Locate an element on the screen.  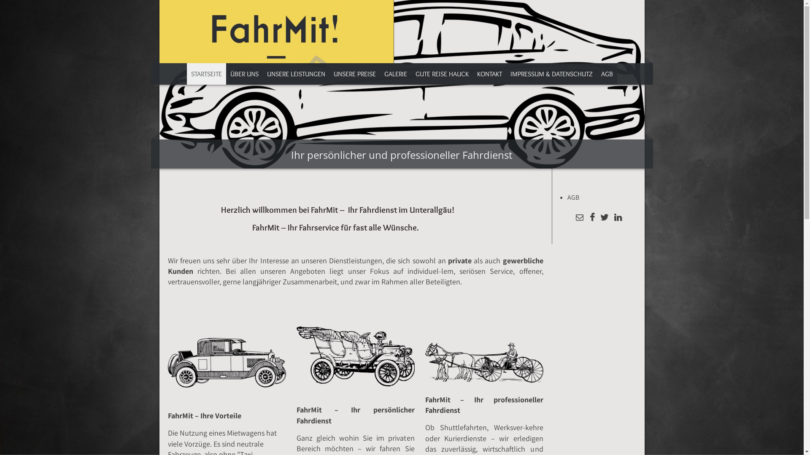
'Facebook' is located at coordinates (591, 217).